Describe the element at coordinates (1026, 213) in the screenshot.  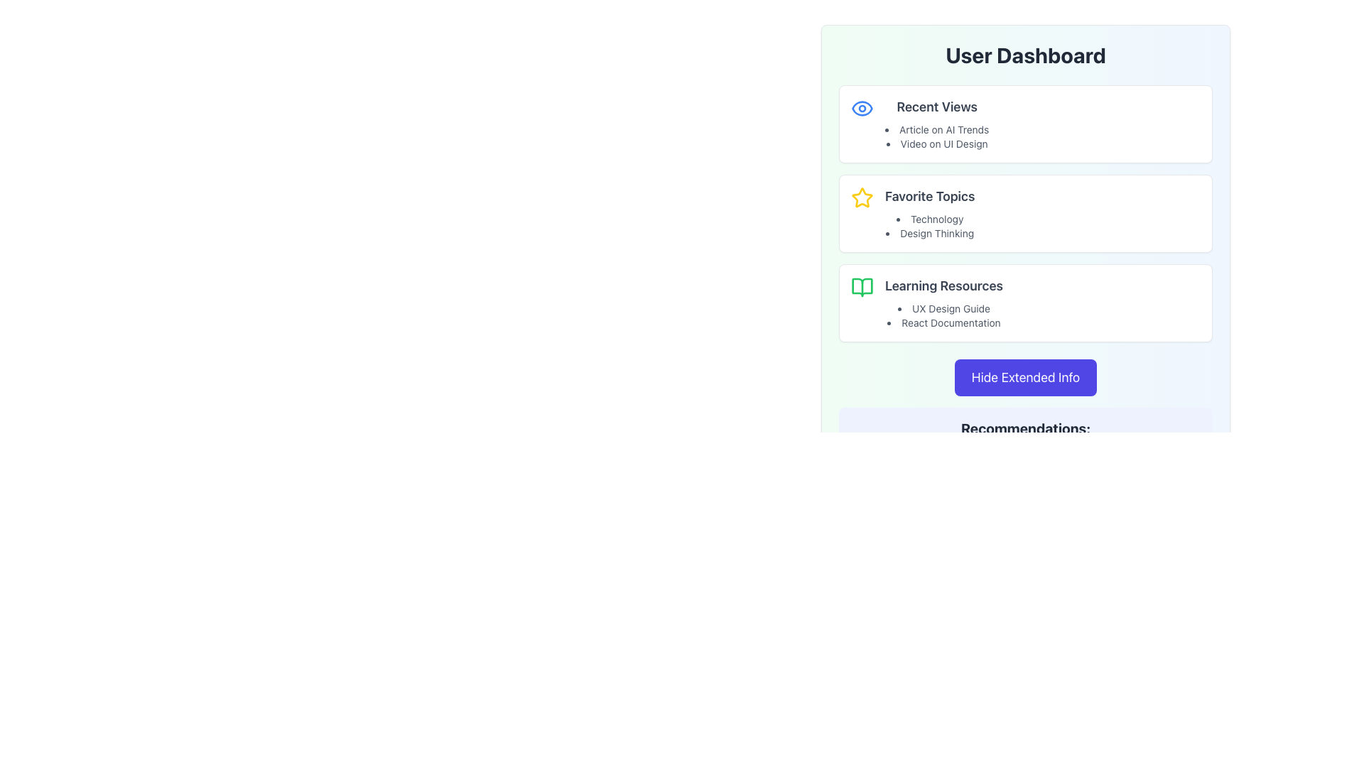
I see `the Information Card displaying highlighted topics of interest categorized under 'Favorite Topics', which is the second card in the vertical list on the User Dashboard` at that location.